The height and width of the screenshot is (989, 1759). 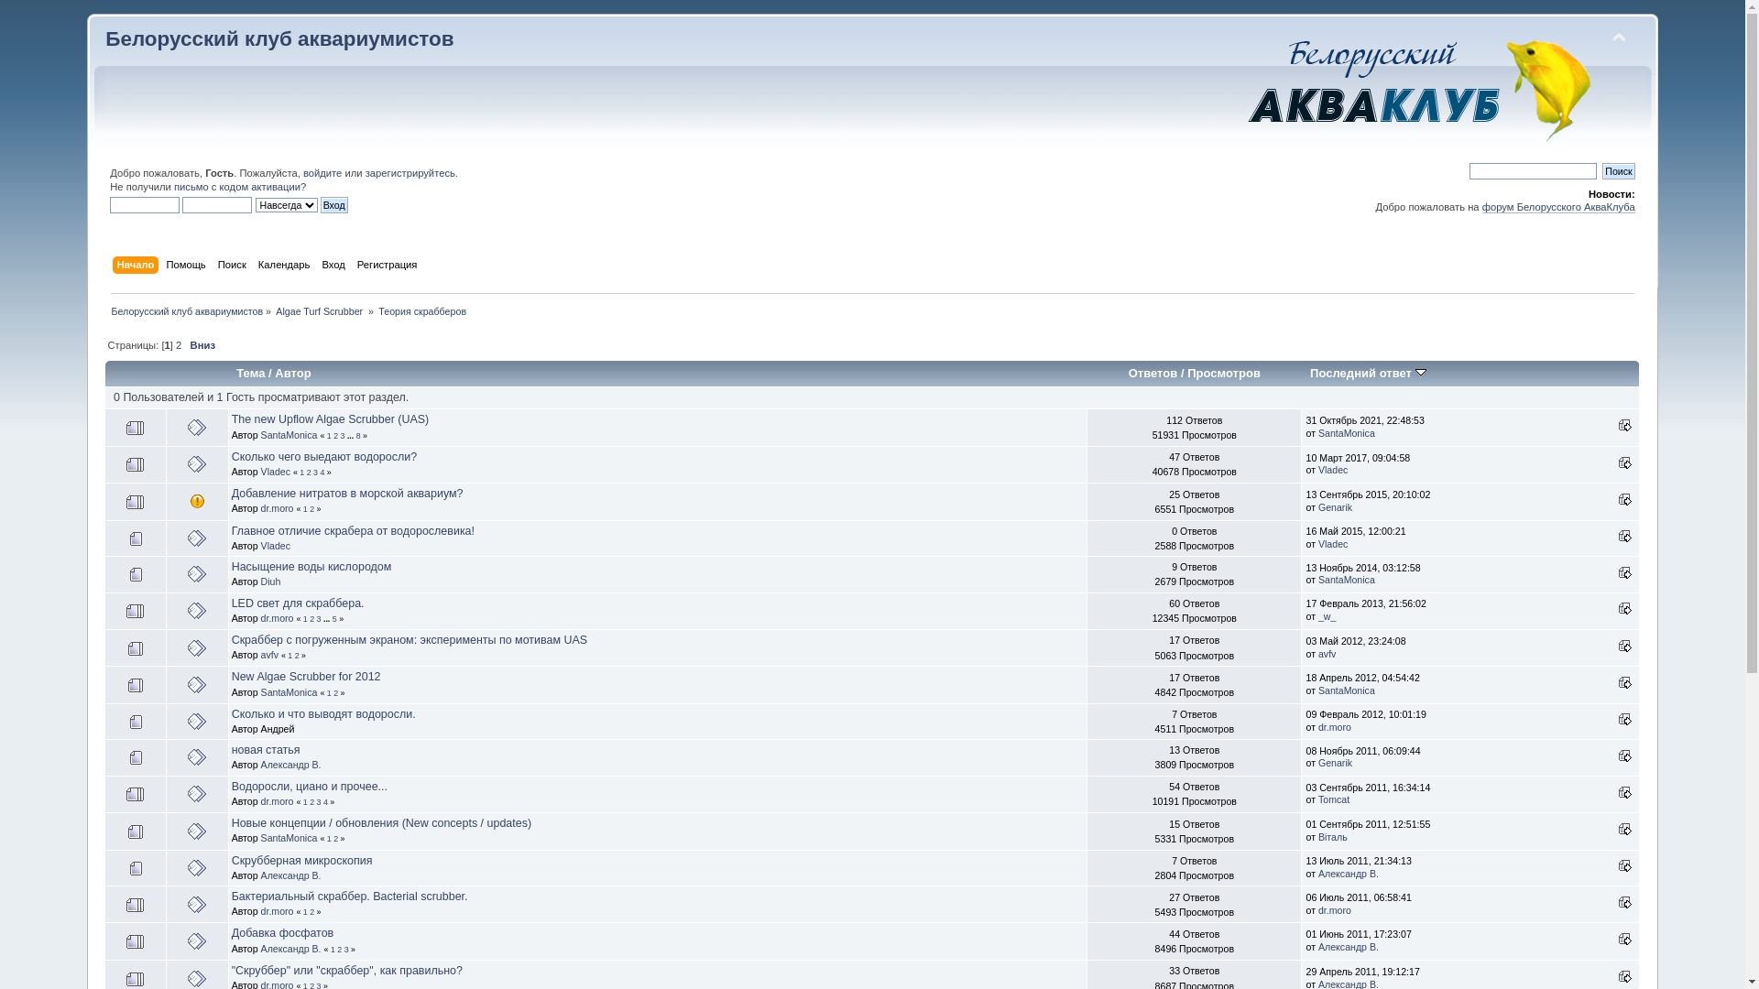 What do you see at coordinates (337, 949) in the screenshot?
I see `'2'` at bounding box center [337, 949].